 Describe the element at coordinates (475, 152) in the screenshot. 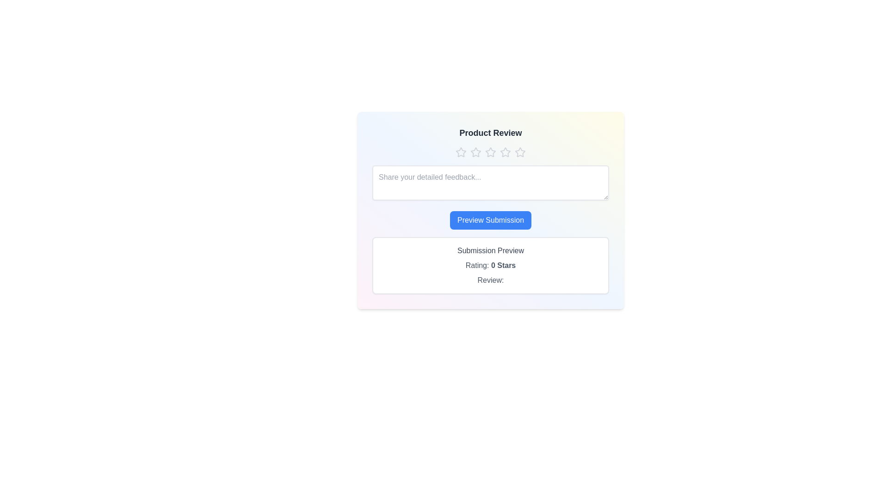

I see `the star corresponding to the desired rating of 2 stars` at that location.